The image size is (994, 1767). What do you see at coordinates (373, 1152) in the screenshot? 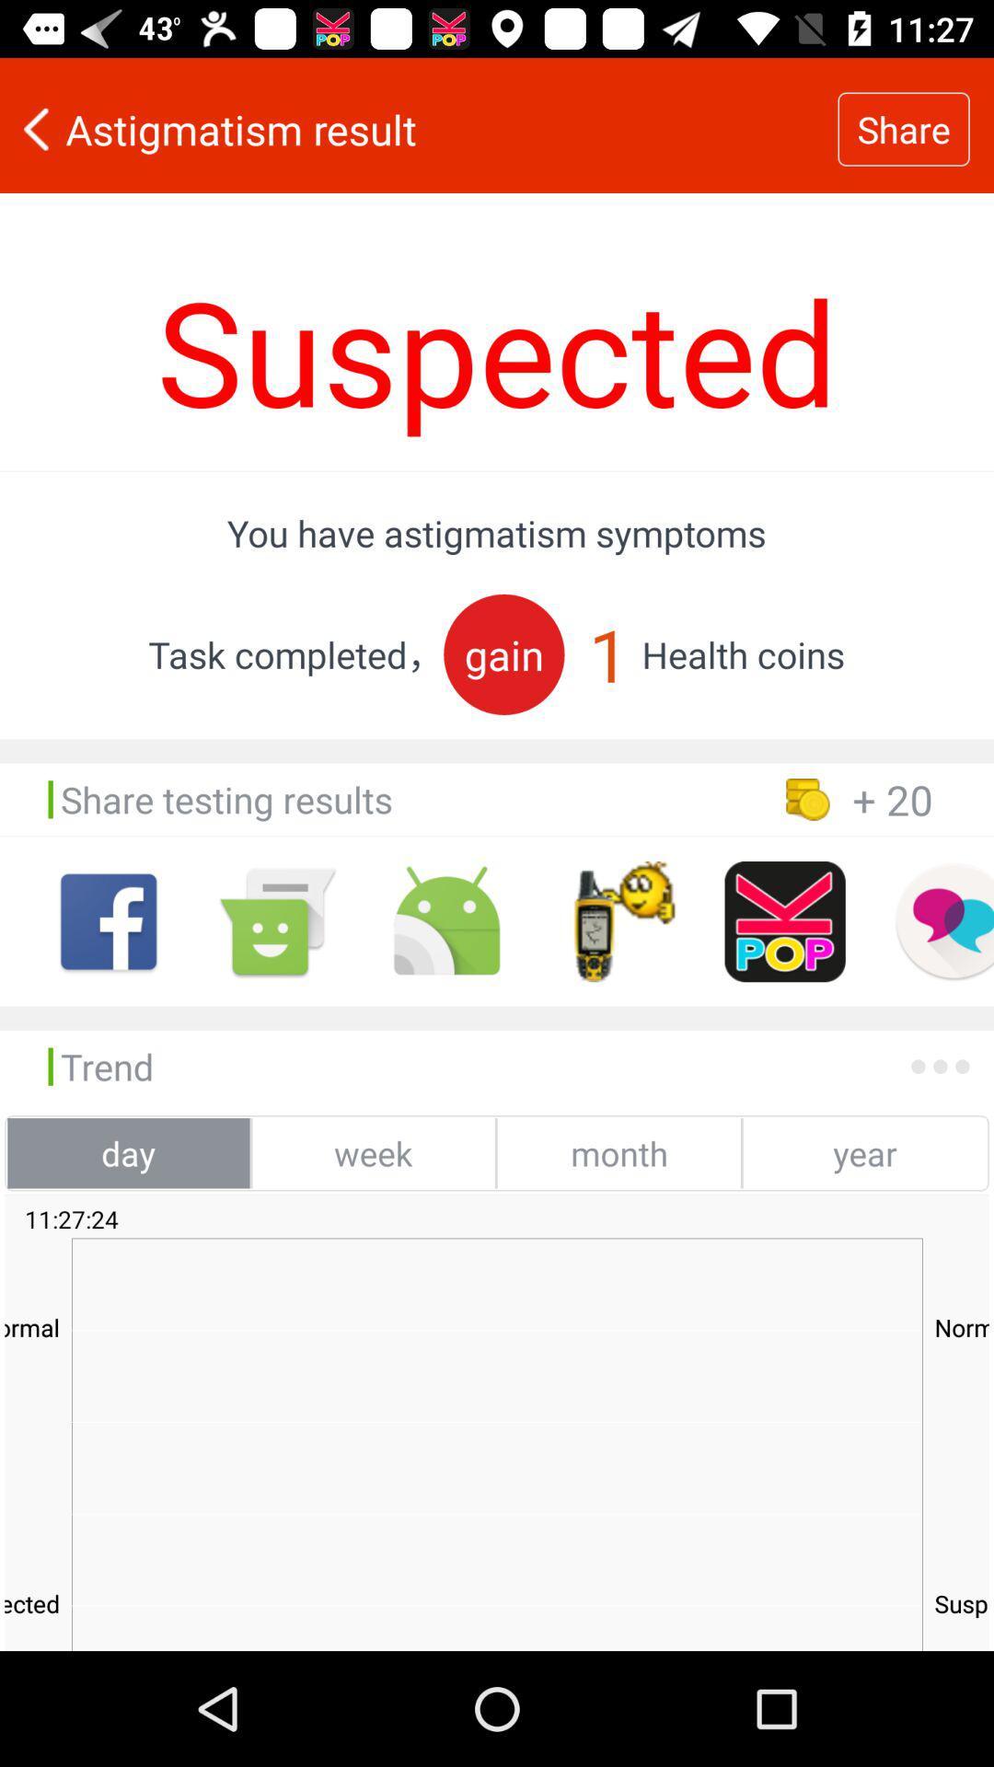
I see `the week` at bounding box center [373, 1152].